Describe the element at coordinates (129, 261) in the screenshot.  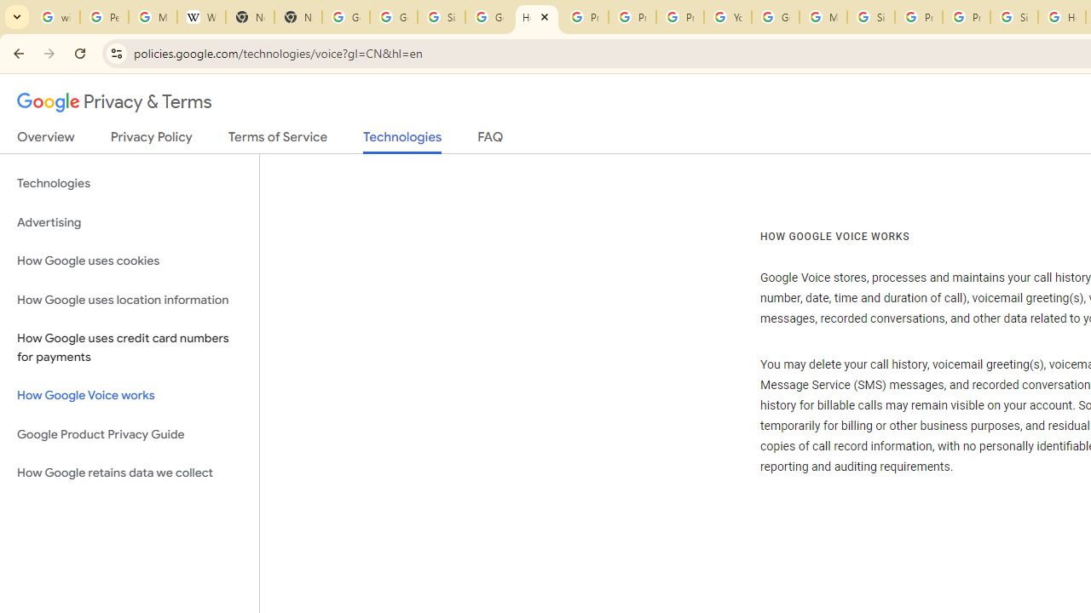
I see `'How Google uses cookies'` at that location.